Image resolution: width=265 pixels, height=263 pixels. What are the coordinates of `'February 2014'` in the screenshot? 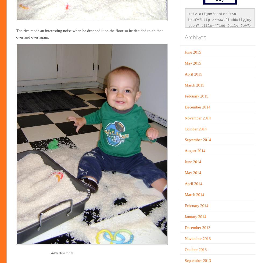 It's located at (196, 206).